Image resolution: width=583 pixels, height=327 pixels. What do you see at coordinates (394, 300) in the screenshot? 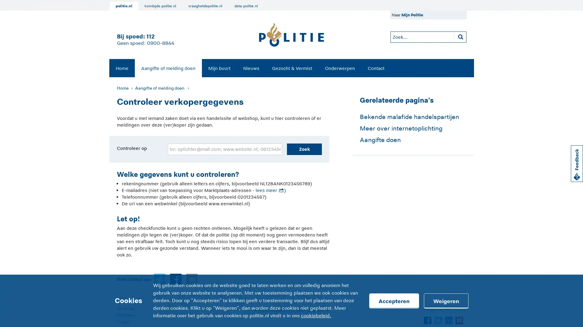
I see `Accepteren` at bounding box center [394, 300].